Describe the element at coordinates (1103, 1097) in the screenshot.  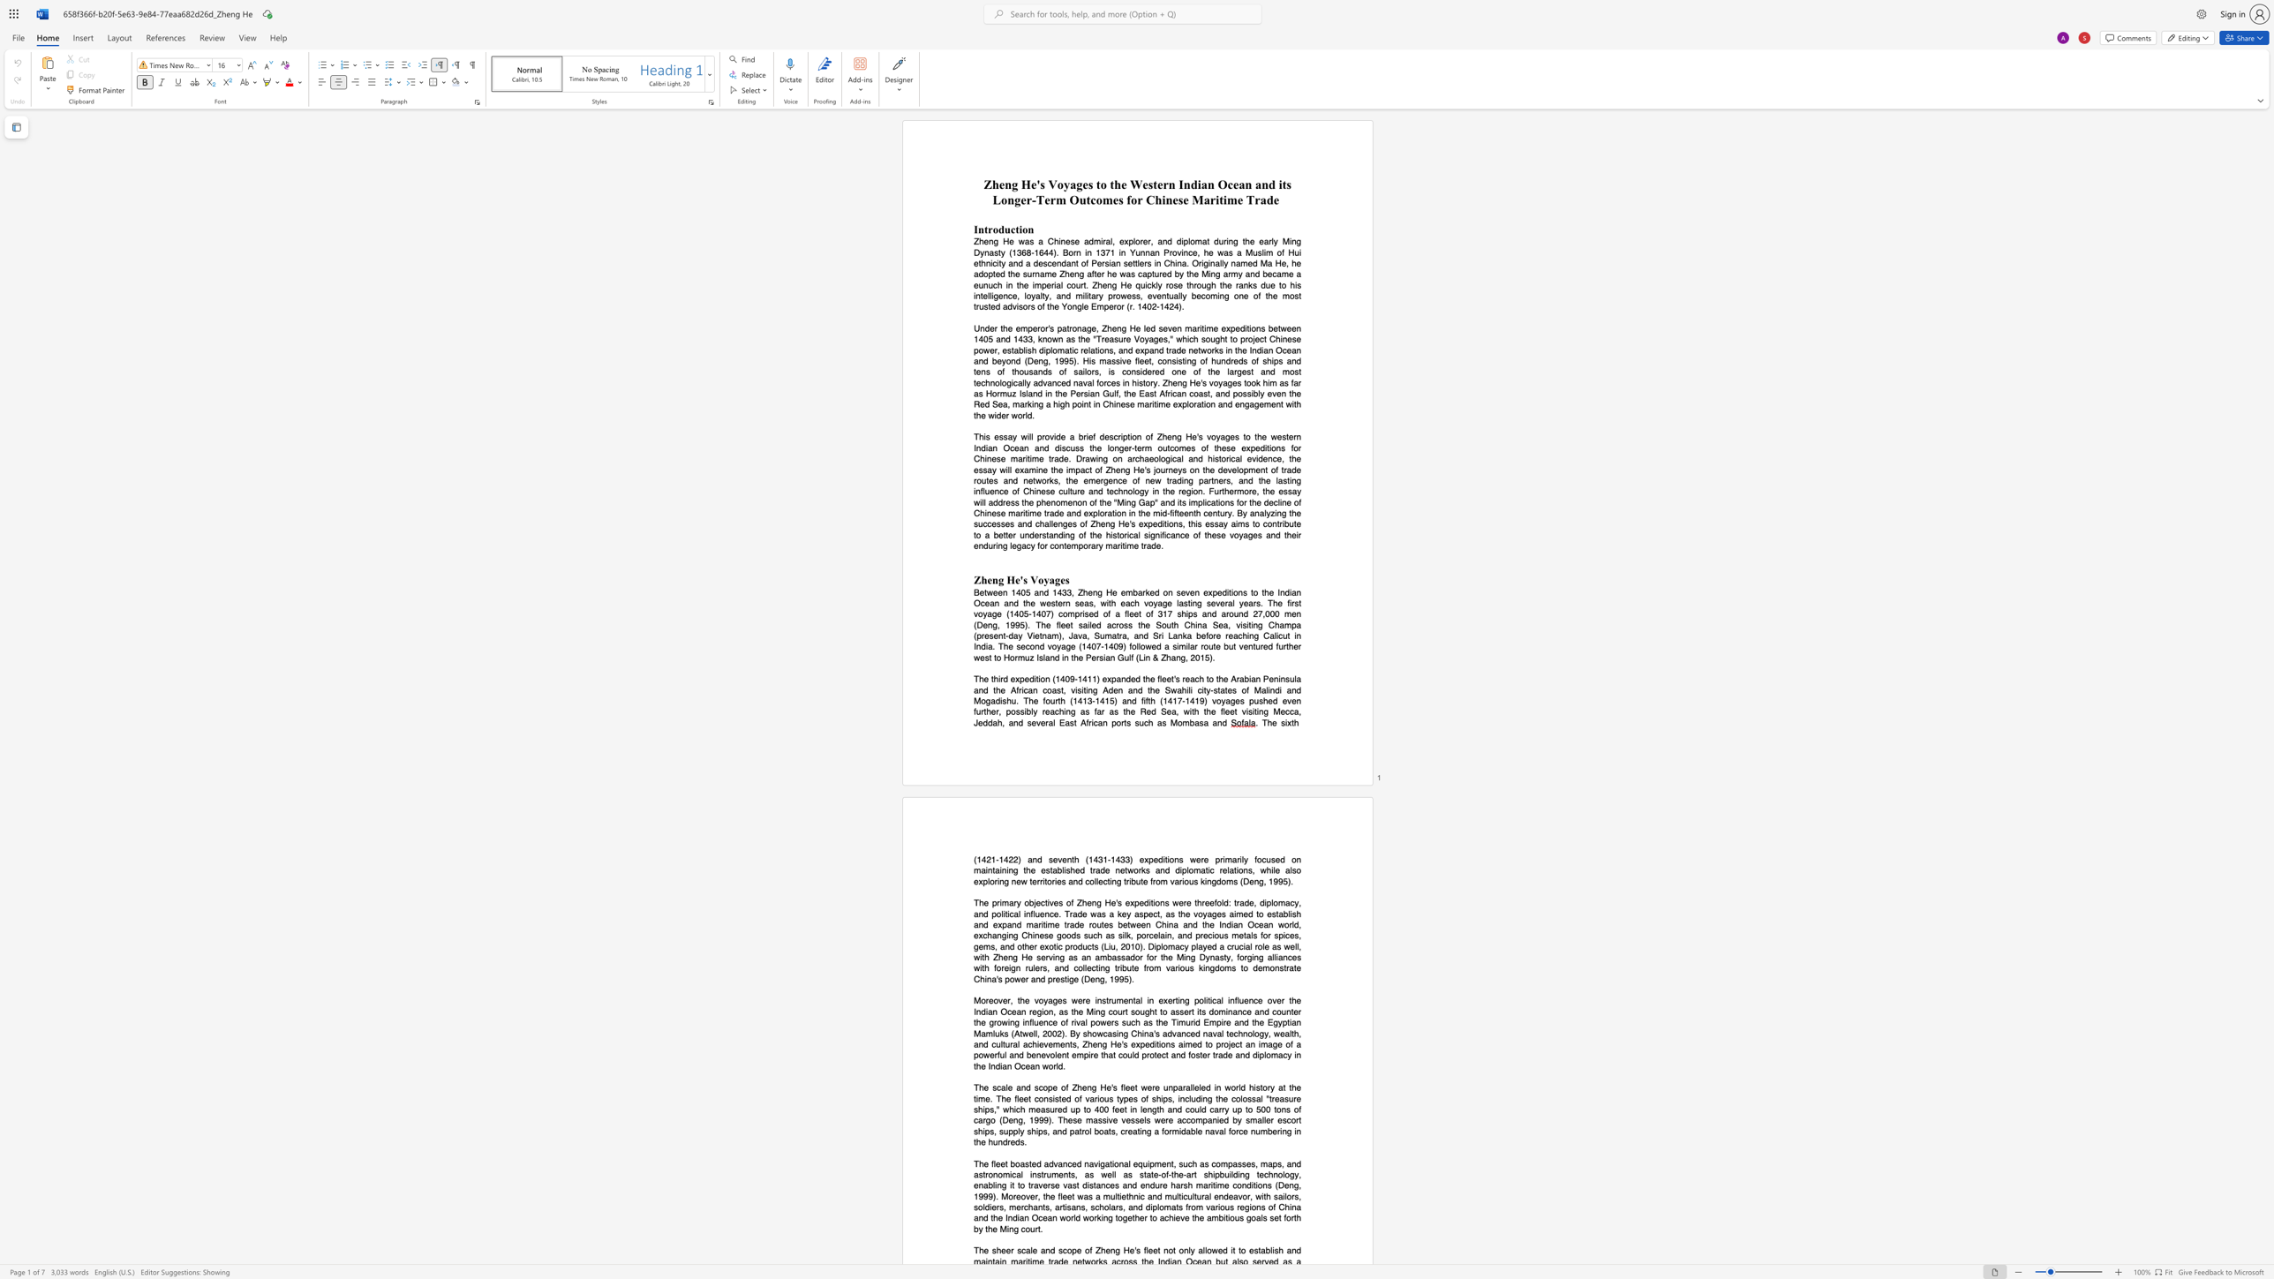
I see `the subset text "us type" within the text "various types"` at that location.